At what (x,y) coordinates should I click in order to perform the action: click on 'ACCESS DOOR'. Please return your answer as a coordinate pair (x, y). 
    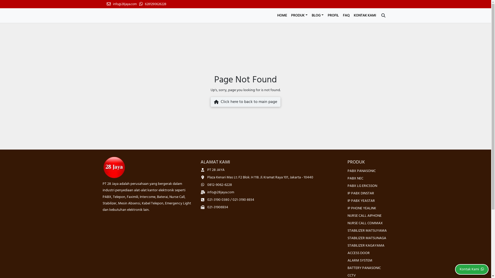
    Looking at the image, I should click on (358, 253).